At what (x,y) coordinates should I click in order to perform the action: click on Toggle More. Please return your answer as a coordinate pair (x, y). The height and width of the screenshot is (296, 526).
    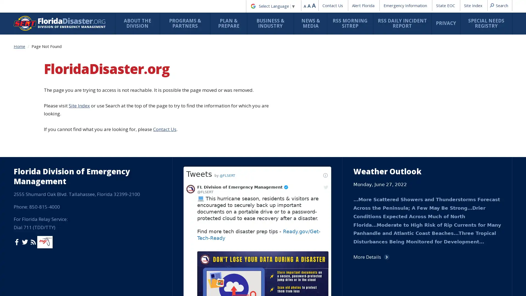
    Looking at the image, I should click on (219, 188).